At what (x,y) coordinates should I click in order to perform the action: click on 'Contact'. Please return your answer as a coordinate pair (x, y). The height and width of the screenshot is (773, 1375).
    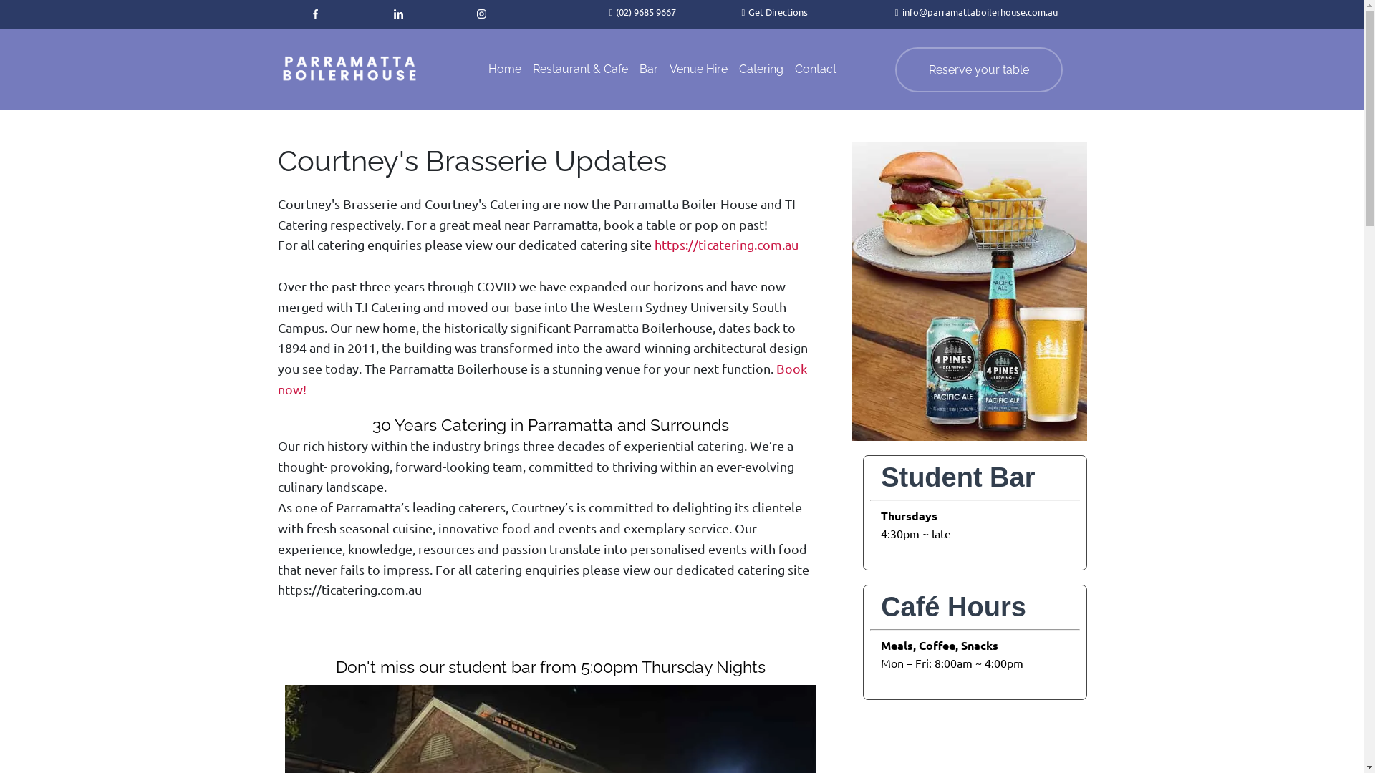
    Looking at the image, I should click on (815, 69).